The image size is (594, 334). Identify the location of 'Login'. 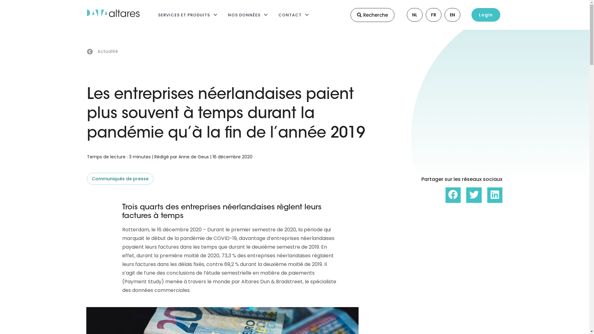
(485, 14).